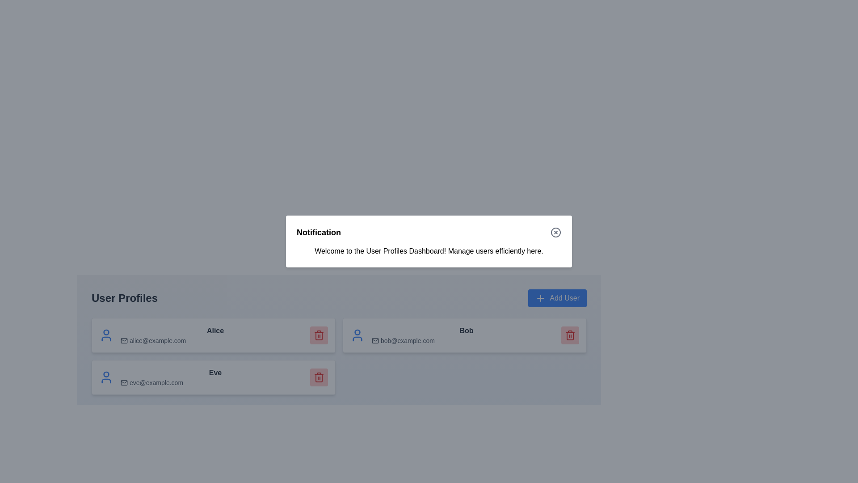  I want to click on the decorative graphical element that forms the bottom part of the user icon representing user 'Eve' in the 'User Profiles' area, so click(106, 381).